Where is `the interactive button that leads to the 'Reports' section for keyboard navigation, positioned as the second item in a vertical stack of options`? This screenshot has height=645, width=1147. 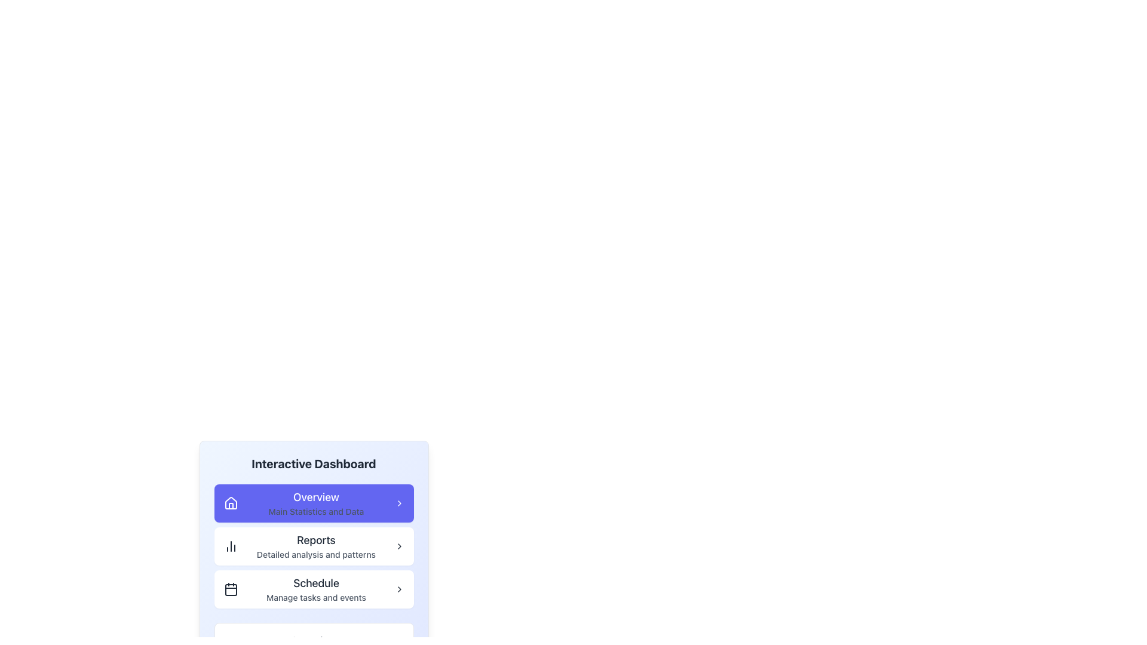
the interactive button that leads to the 'Reports' section for keyboard navigation, positioned as the second item in a vertical stack of options is located at coordinates (314, 546).